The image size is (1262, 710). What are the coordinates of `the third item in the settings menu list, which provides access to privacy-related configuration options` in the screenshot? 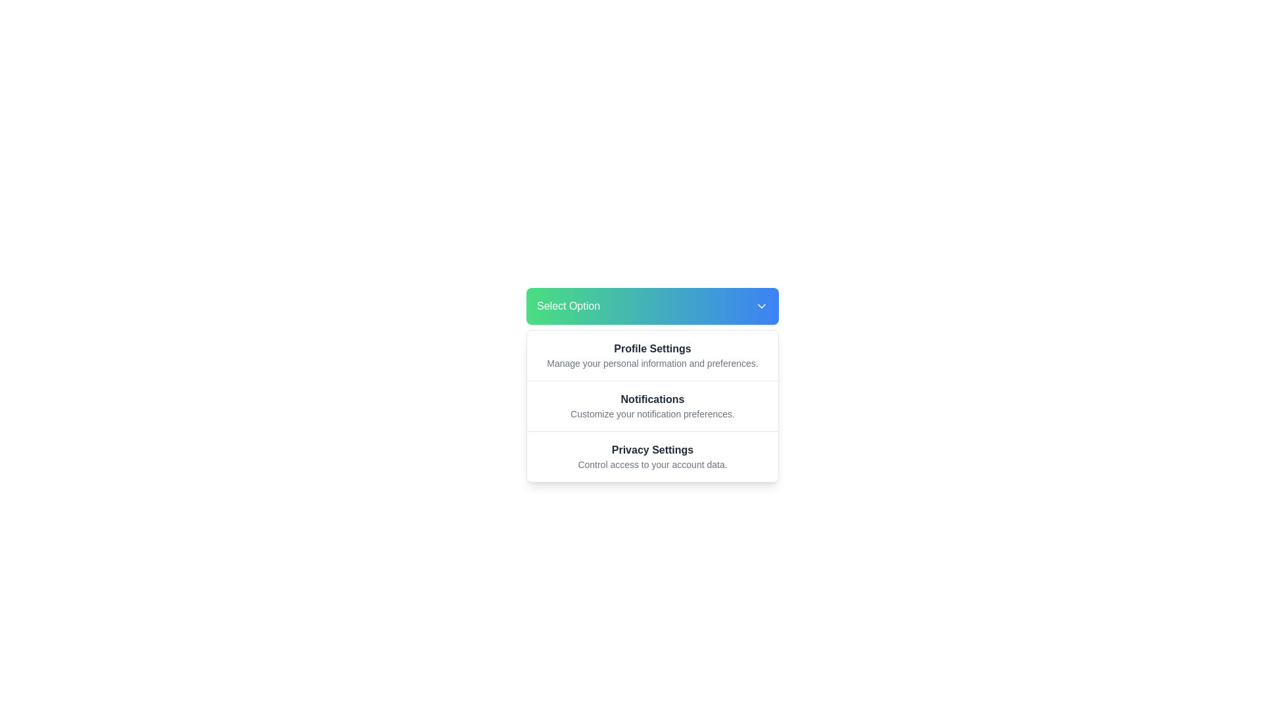 It's located at (653, 456).